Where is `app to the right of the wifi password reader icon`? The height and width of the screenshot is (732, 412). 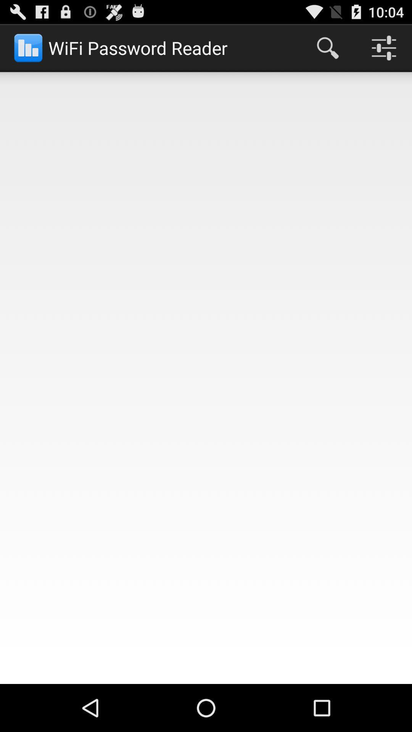 app to the right of the wifi password reader icon is located at coordinates (327, 47).